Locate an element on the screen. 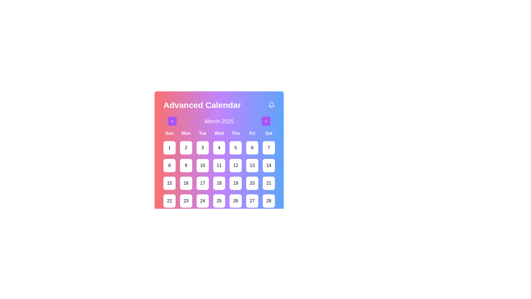 The height and width of the screenshot is (299, 531). the static text label displaying 'Mon', which is the second day header in the weekly calendar view is located at coordinates (186, 133).